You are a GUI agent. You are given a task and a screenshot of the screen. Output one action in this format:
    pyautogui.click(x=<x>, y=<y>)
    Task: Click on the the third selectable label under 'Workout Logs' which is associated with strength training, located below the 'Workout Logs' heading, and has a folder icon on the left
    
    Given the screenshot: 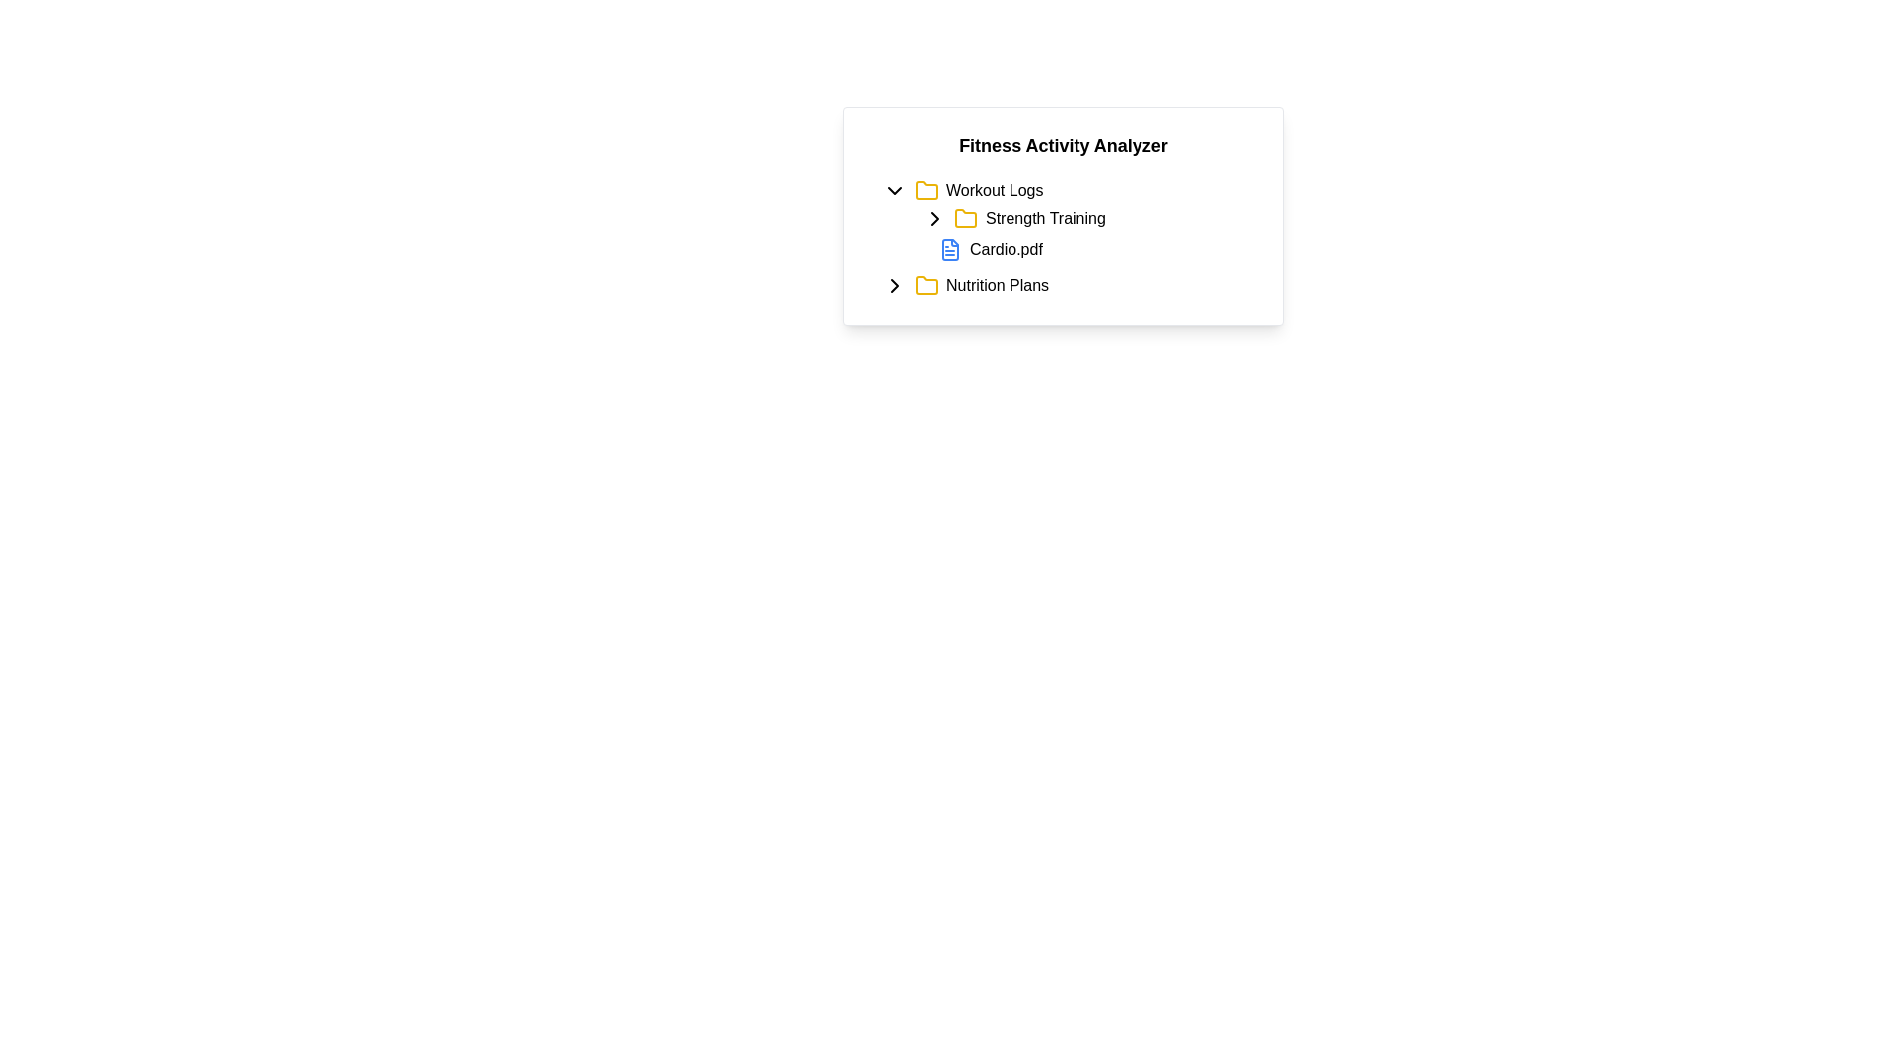 What is the action you would take?
    pyautogui.click(x=1044, y=219)
    